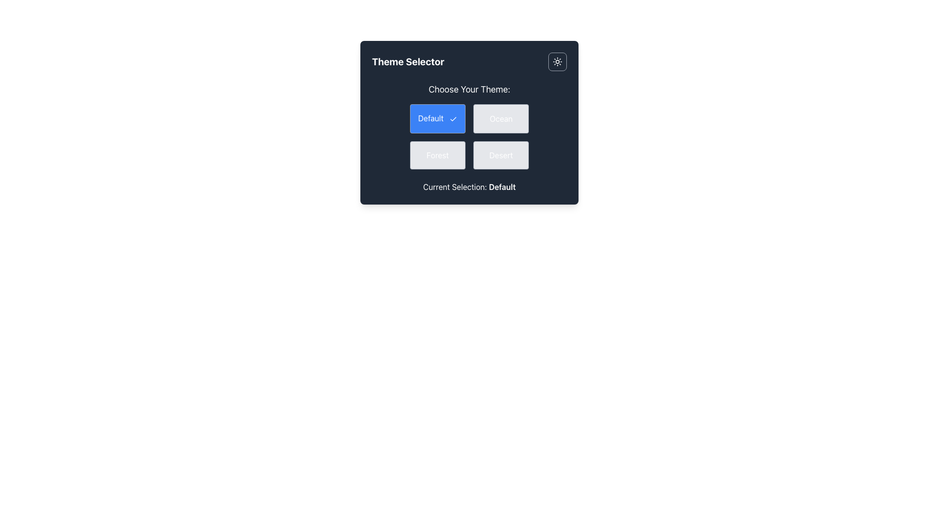  Describe the element at coordinates (558, 62) in the screenshot. I see `the sun-shaped icon in the theme selector interface for tooltip display` at that location.